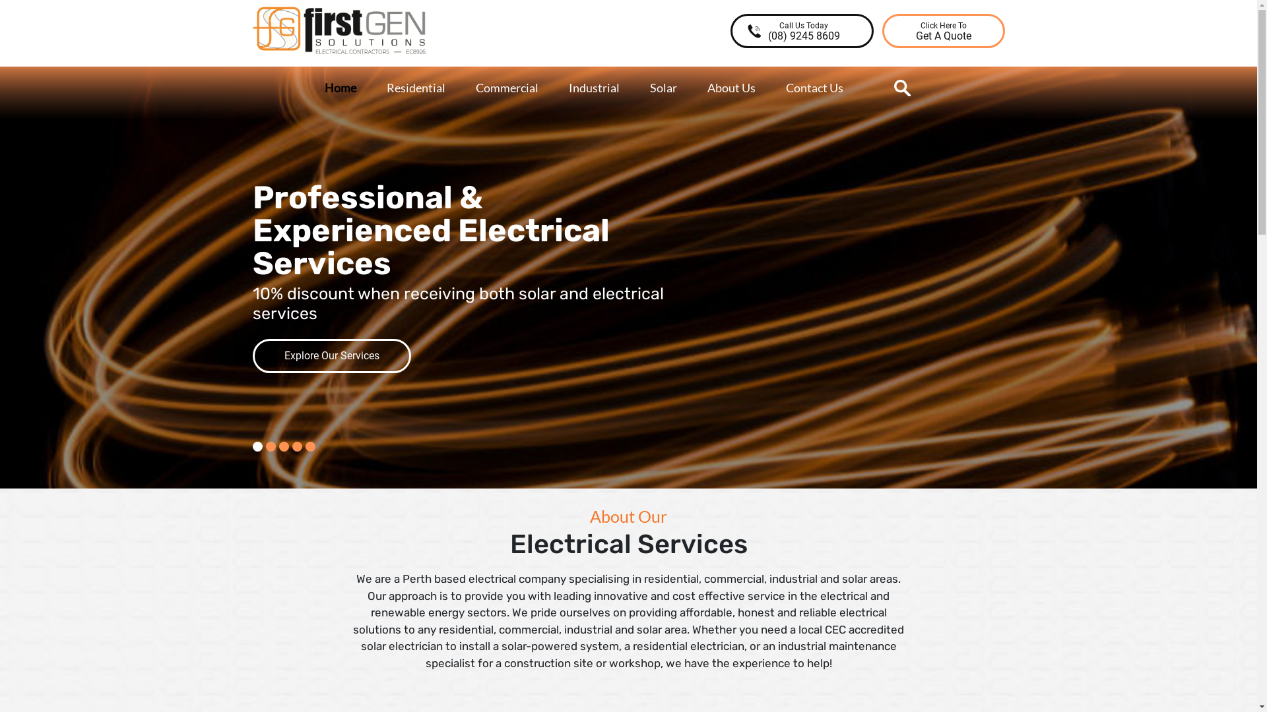 This screenshot has width=1267, height=712. I want to click on 'First Gen Solutions', so click(301, 63).